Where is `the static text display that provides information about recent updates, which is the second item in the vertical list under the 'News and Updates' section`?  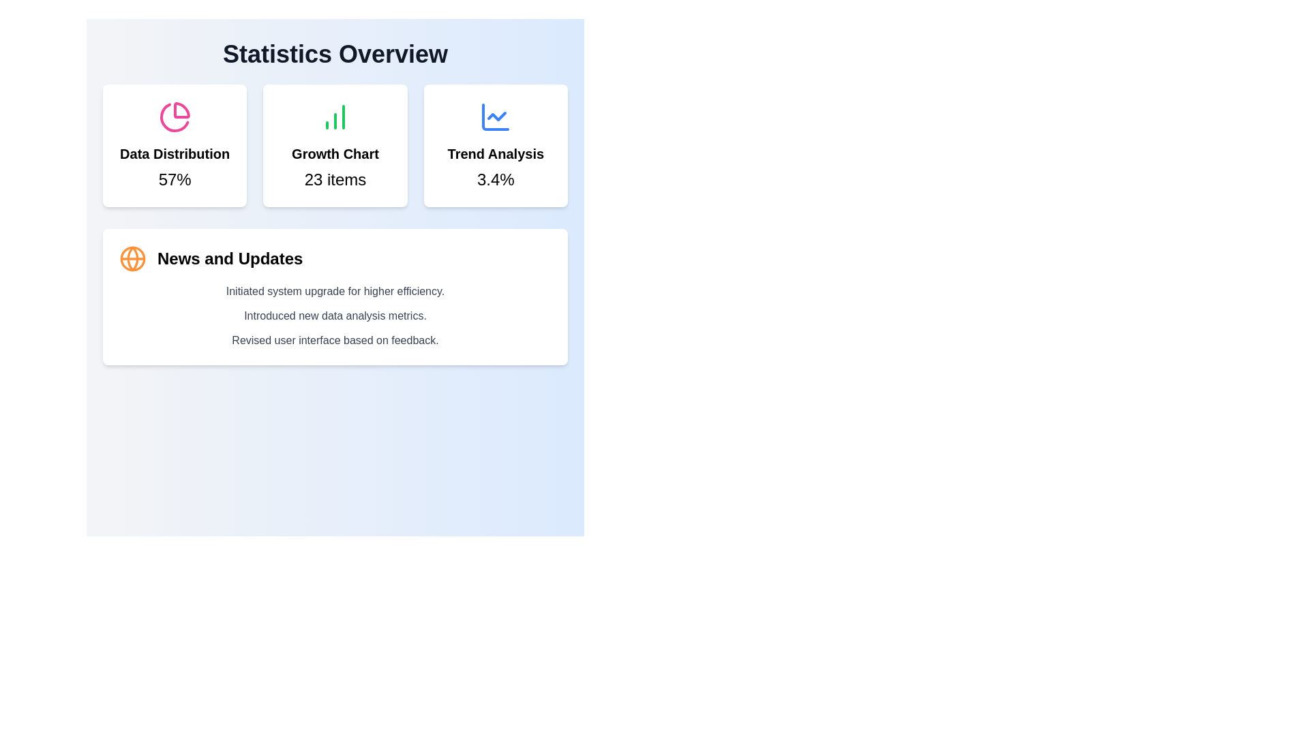 the static text display that provides information about recent updates, which is the second item in the vertical list under the 'News and Updates' section is located at coordinates (335, 316).